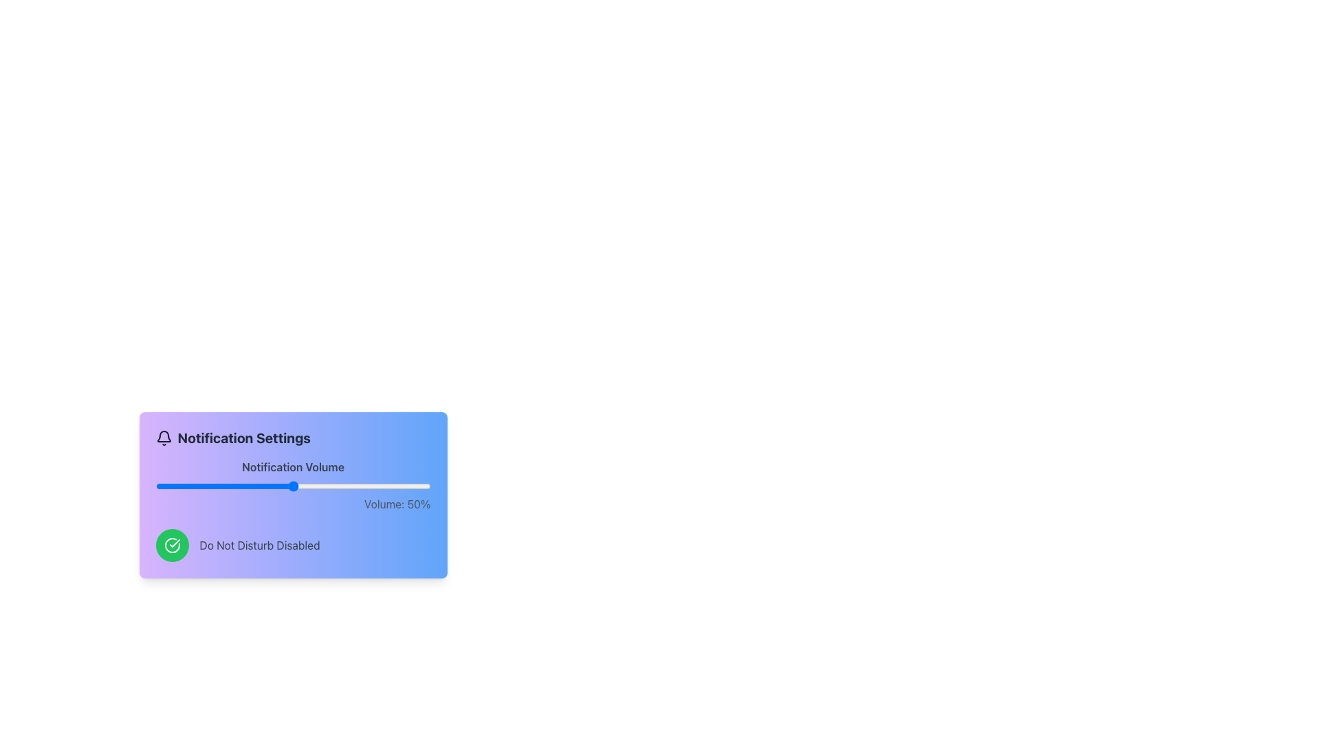 The width and height of the screenshot is (1320, 742). I want to click on notification volume, so click(300, 486).